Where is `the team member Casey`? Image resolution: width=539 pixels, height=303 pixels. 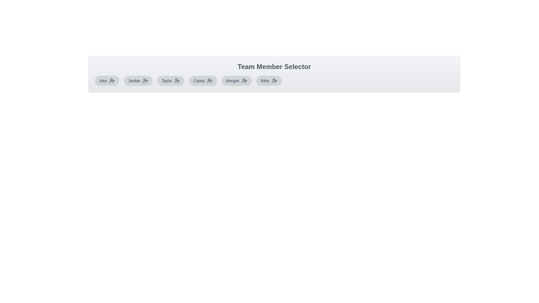 the team member Casey is located at coordinates (203, 81).